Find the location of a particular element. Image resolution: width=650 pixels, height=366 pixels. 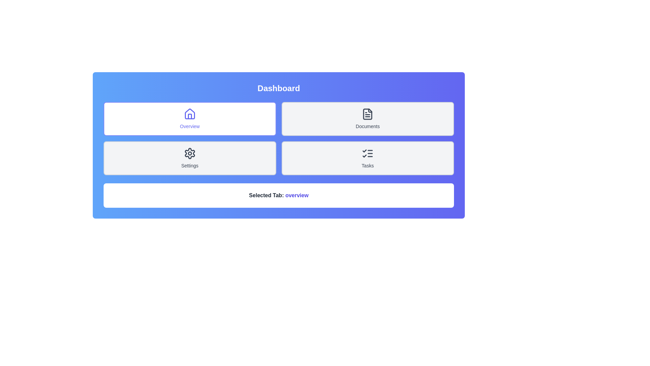

the graphical vector element representing the folded corner of the document icon located in the top-right quadrant of the user interface is located at coordinates (370, 110).